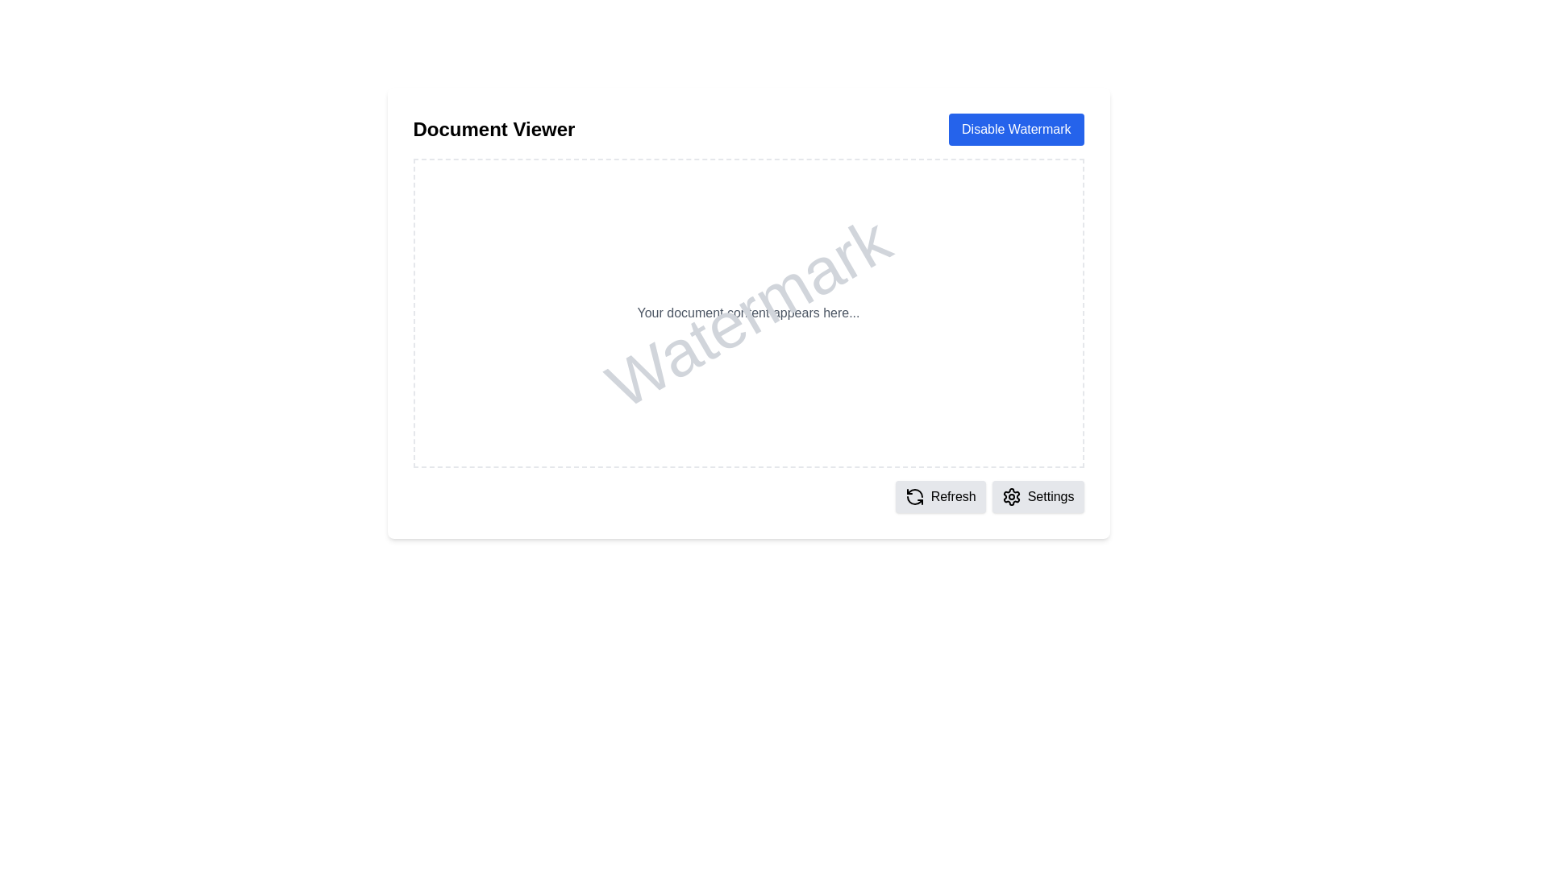  I want to click on the settings icon located to the immediate left of the 'Settings' text in the bottom-right corner of the interface, so click(1010, 496).